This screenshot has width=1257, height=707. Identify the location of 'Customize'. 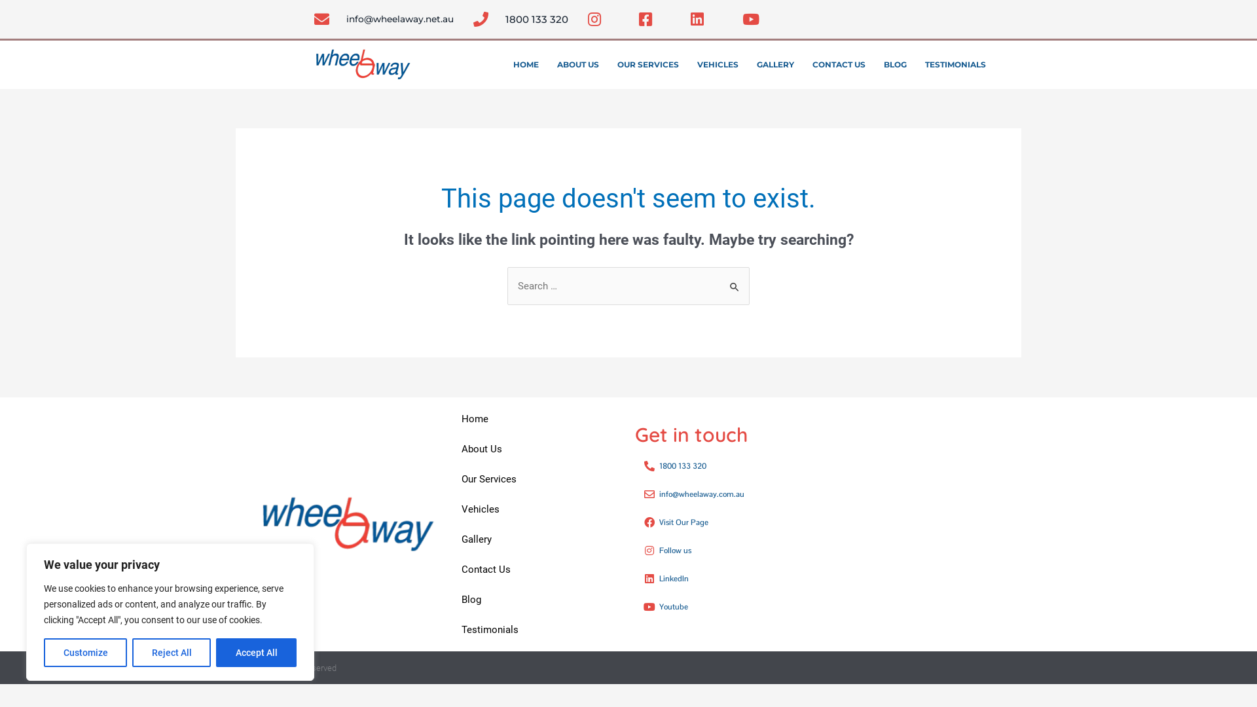
(84, 652).